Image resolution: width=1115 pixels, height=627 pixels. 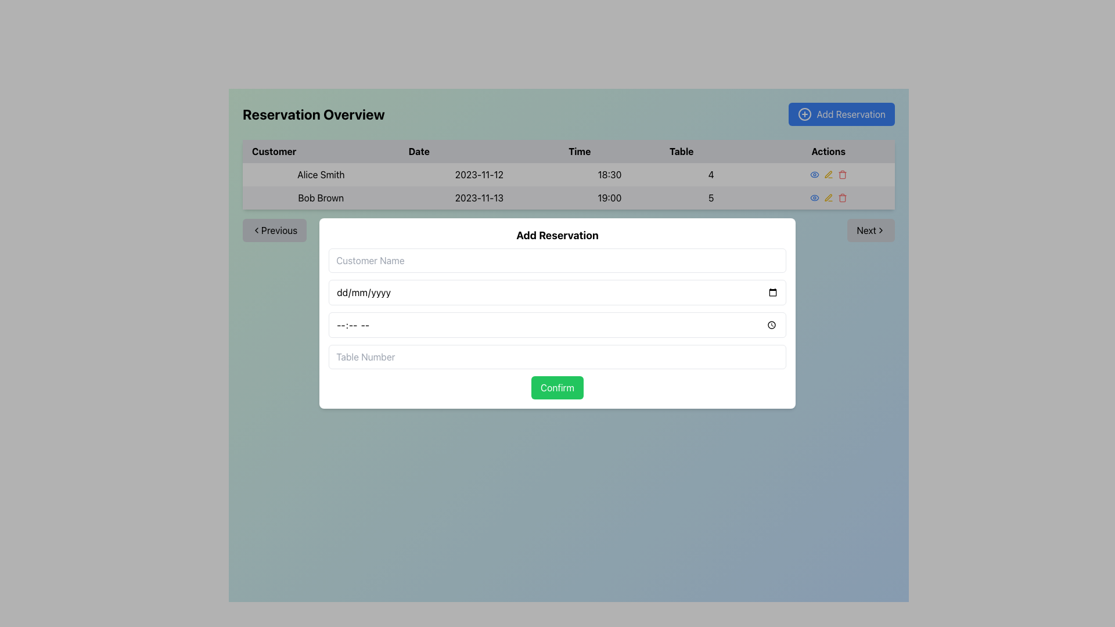 I want to click on the 'Edit' icon in the 'Actions' column of the 'Reservation Overview' table for the row corresponding to 'Bob Brown' to modify the reservation details, so click(x=827, y=197).